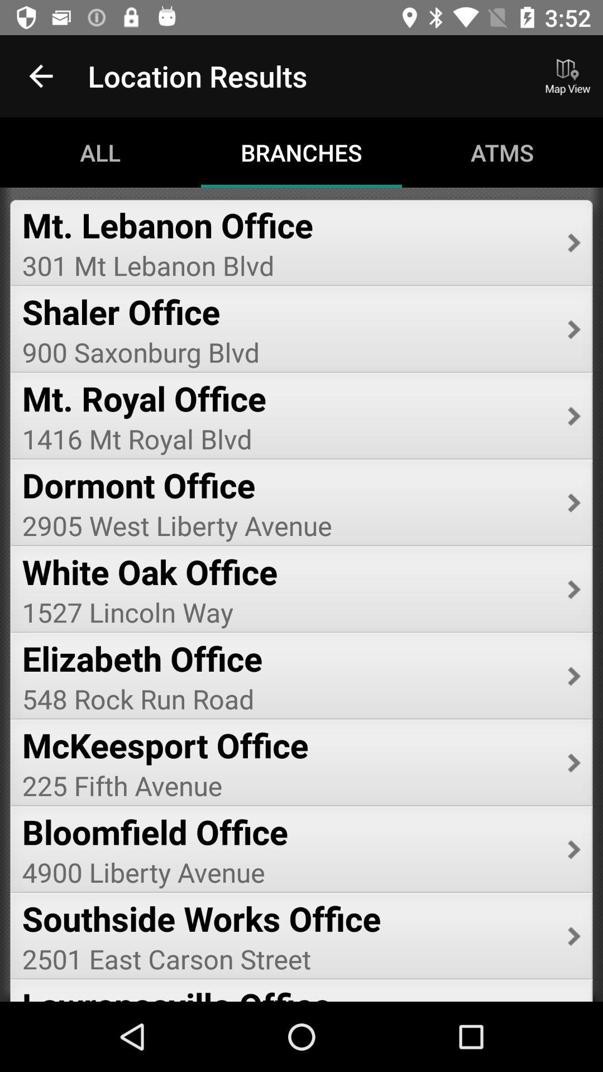  Describe the element at coordinates (286, 698) in the screenshot. I see `item below the elizabeth office` at that location.